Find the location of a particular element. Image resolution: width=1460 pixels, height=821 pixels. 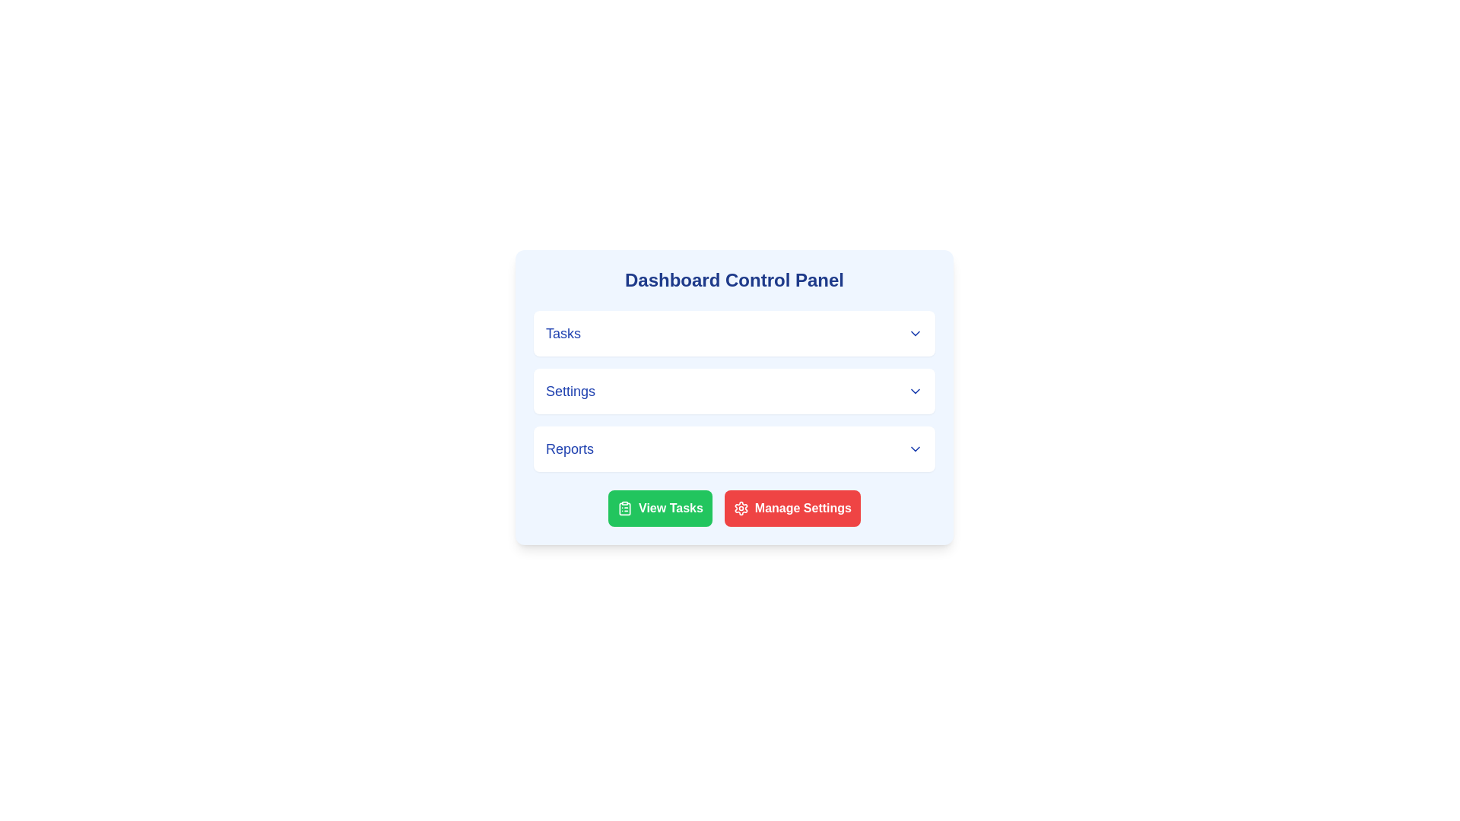

the green button labeled 'View Tasks' that contains the clipboard icon is located at coordinates (624, 508).